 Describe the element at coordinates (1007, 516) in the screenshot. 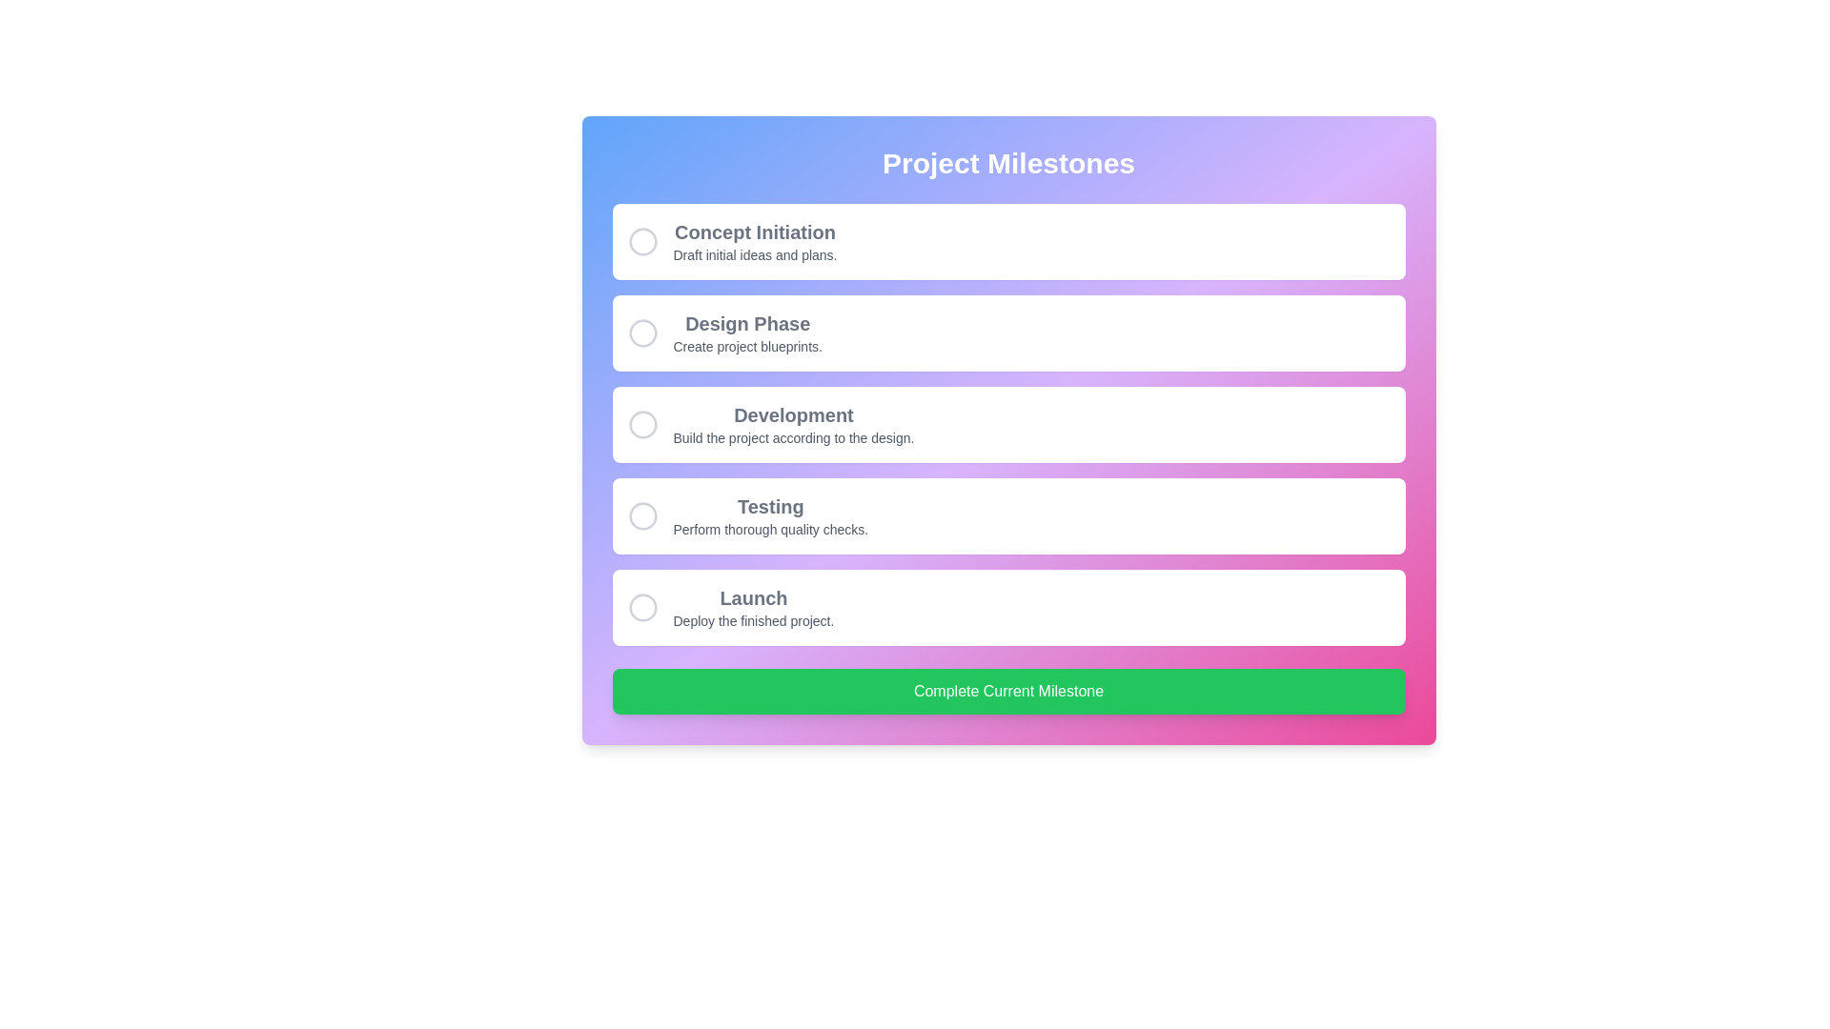

I see `the 'Testing' milestone indicator card, which is the fourth item in a vertically stacked list of progress cards` at that location.